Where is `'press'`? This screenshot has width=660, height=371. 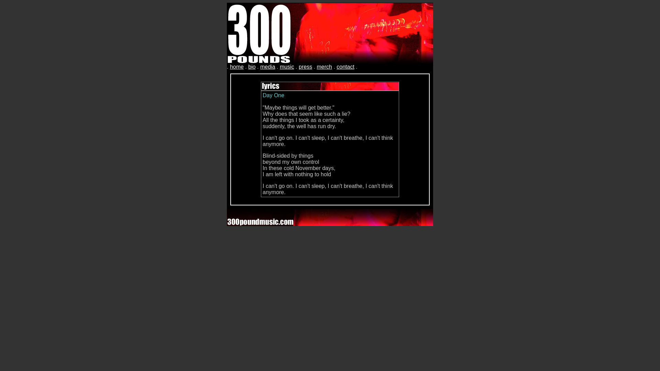 'press' is located at coordinates (298, 67).